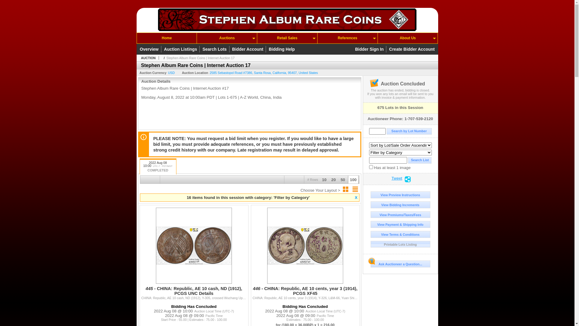 The image size is (579, 326). What do you see at coordinates (348, 181) in the screenshot?
I see `'100'` at bounding box center [348, 181].